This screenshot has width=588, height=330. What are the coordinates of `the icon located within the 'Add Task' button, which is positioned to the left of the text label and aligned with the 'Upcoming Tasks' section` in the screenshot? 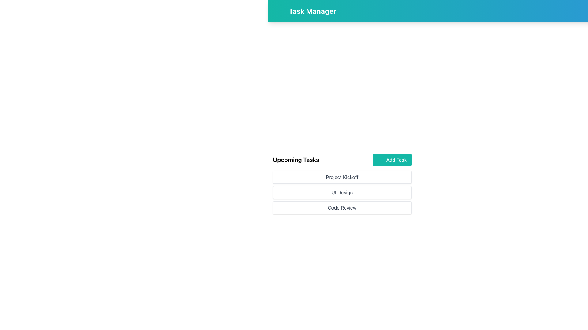 It's located at (380, 159).